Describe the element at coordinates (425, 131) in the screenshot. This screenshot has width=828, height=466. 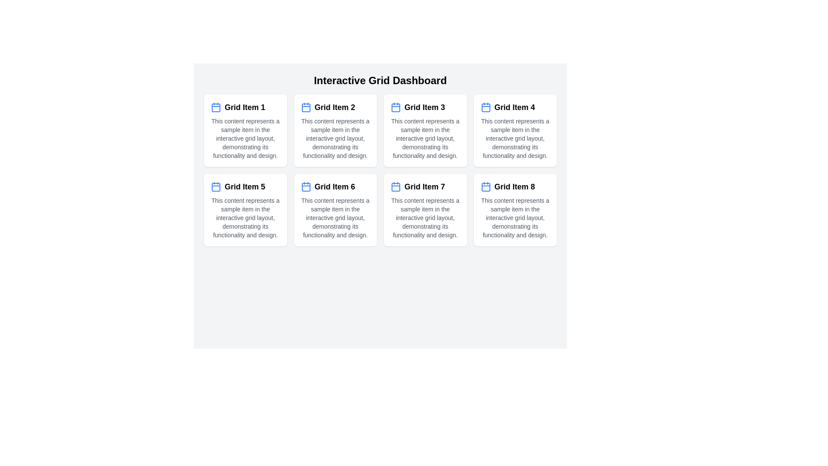
I see `the third item card in the first row of the grid layout, which displays related information and serves as a click target` at that location.